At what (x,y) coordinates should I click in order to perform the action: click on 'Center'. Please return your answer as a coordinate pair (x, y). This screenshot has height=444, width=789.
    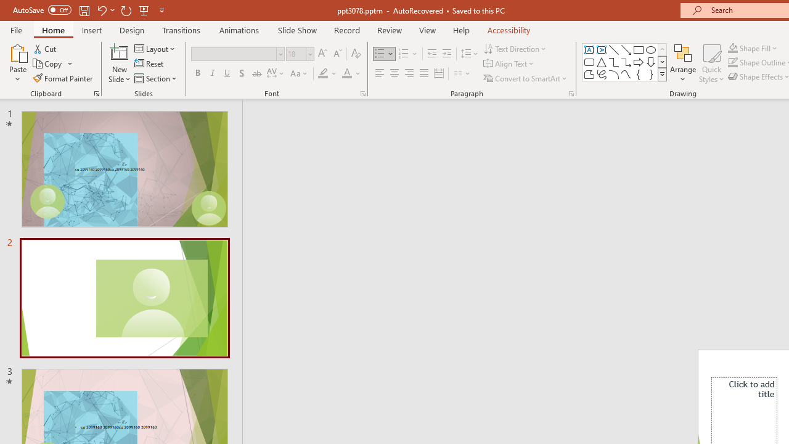
    Looking at the image, I should click on (394, 73).